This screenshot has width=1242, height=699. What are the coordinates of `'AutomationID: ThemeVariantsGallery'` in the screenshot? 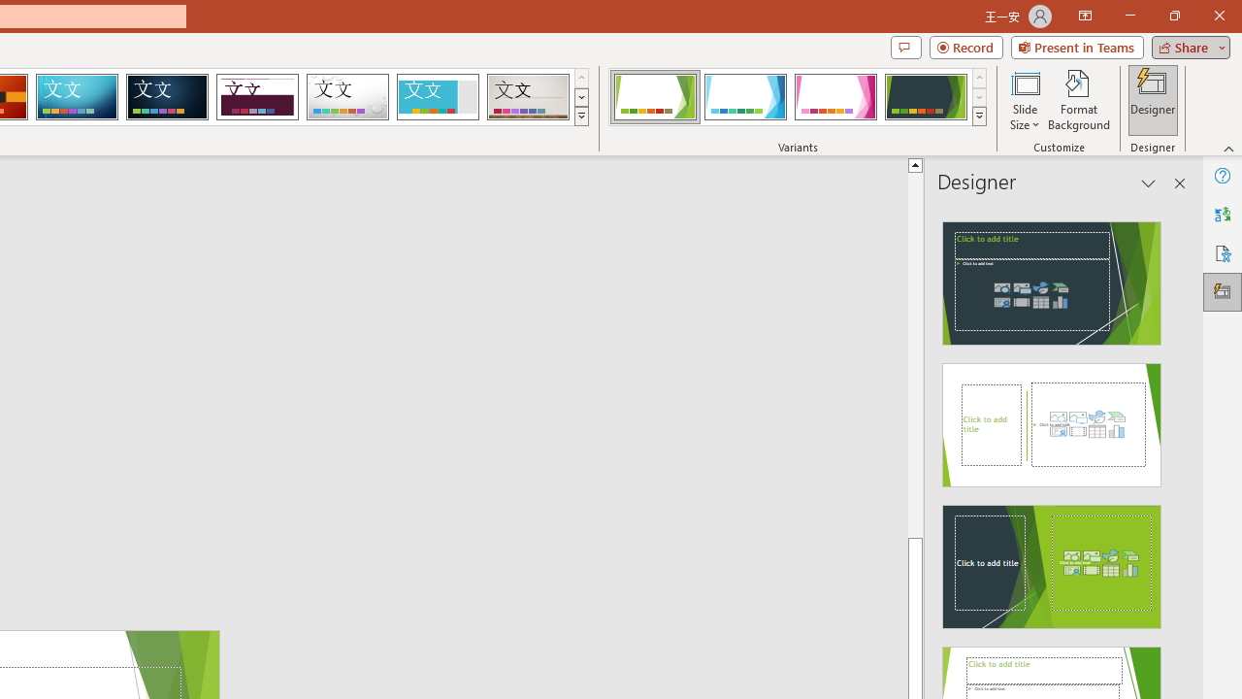 It's located at (799, 97).